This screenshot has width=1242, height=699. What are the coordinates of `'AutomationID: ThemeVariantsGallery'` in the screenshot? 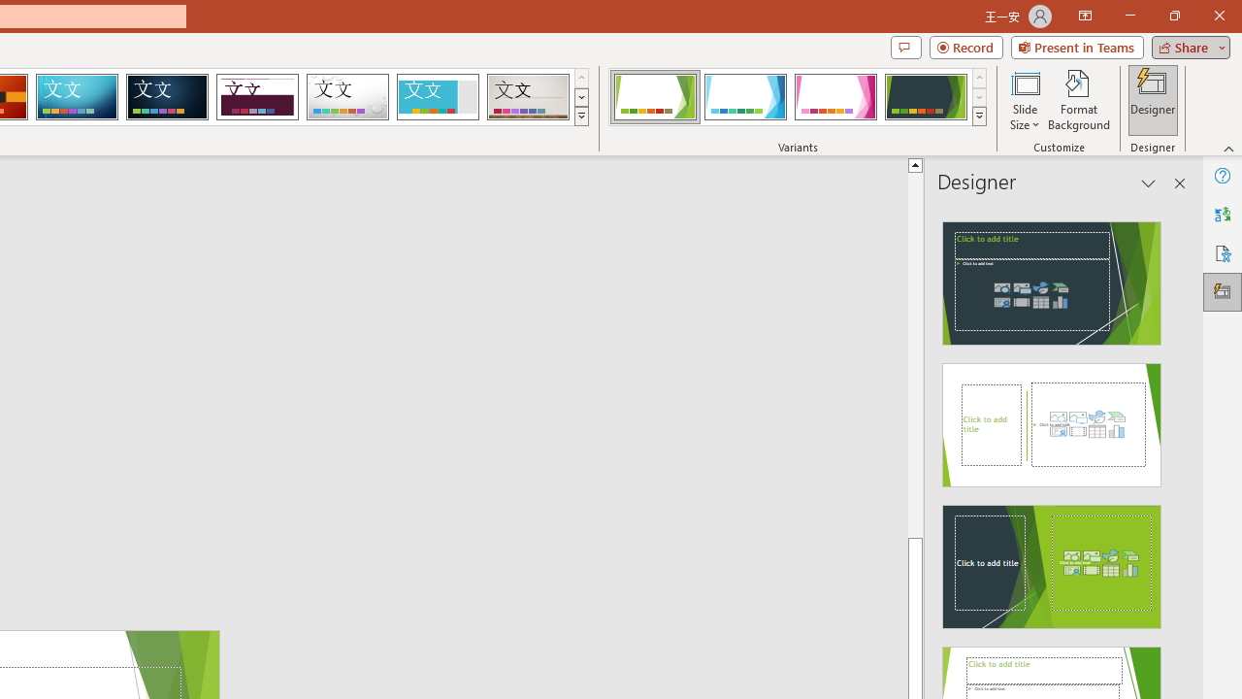 It's located at (799, 97).